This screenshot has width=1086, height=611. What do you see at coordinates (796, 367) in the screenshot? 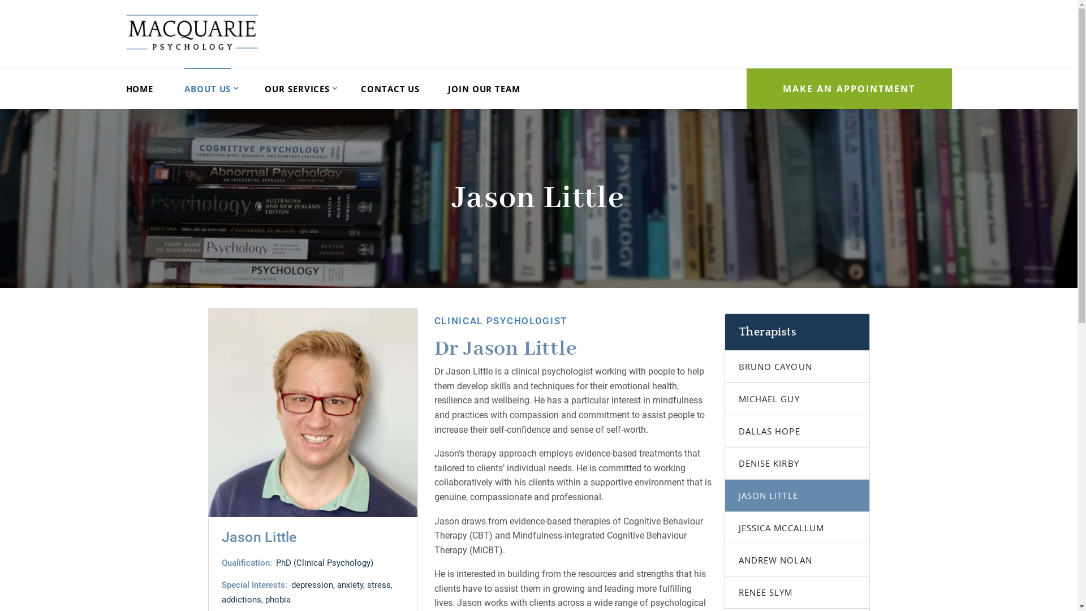
I see `'BRUNO CAYOUN'` at bounding box center [796, 367].